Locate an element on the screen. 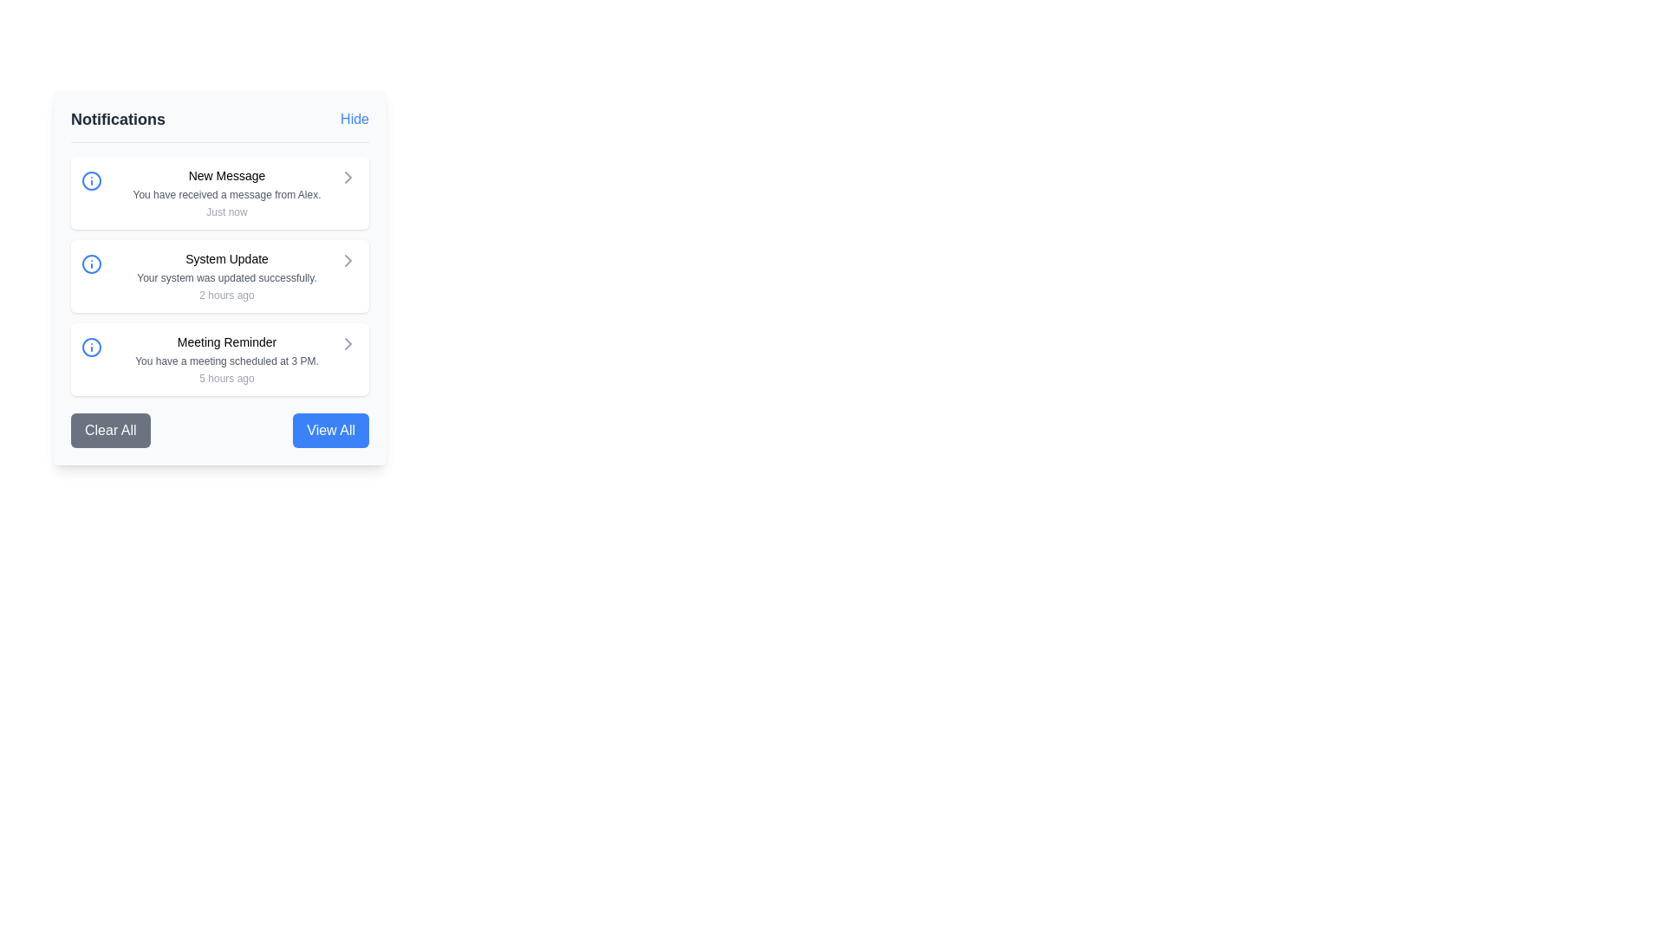 The image size is (1664, 936). the right-facing chevron arrow icon located in the notification panel next to the 'New Message' text is located at coordinates (348, 177).